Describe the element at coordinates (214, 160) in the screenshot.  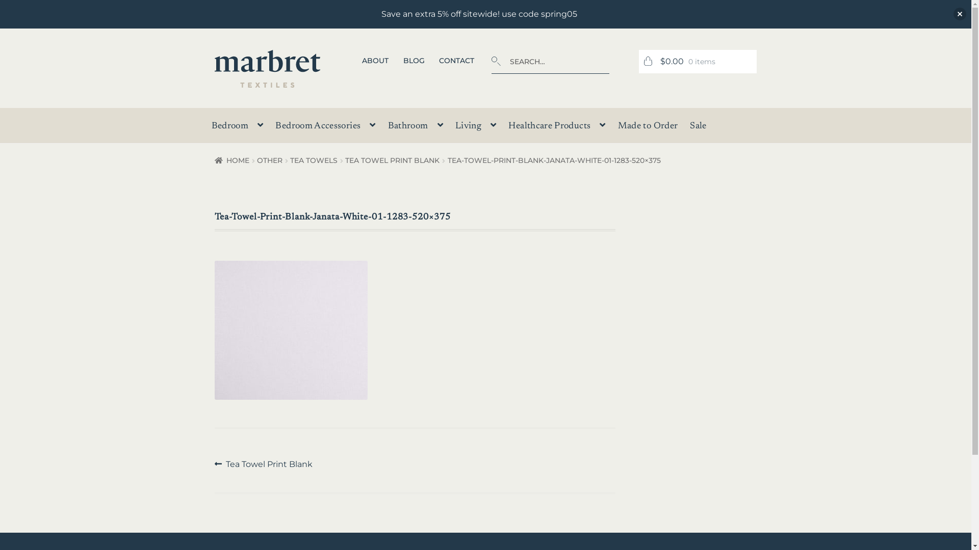
I see `'HOME'` at that location.